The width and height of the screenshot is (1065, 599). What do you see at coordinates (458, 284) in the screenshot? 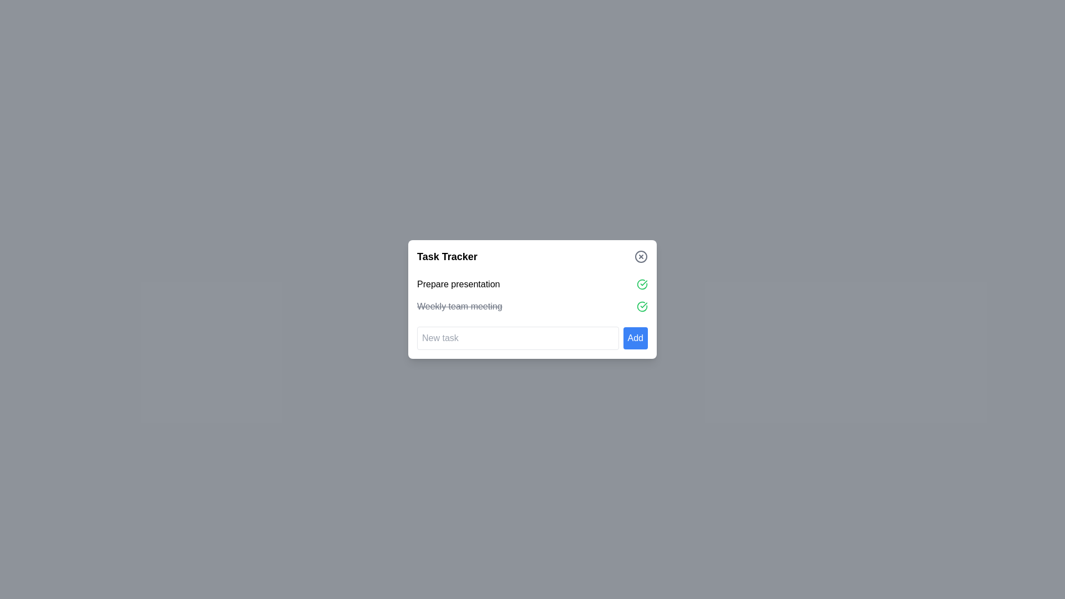
I see `the text label reading 'Prepare presentation'` at bounding box center [458, 284].